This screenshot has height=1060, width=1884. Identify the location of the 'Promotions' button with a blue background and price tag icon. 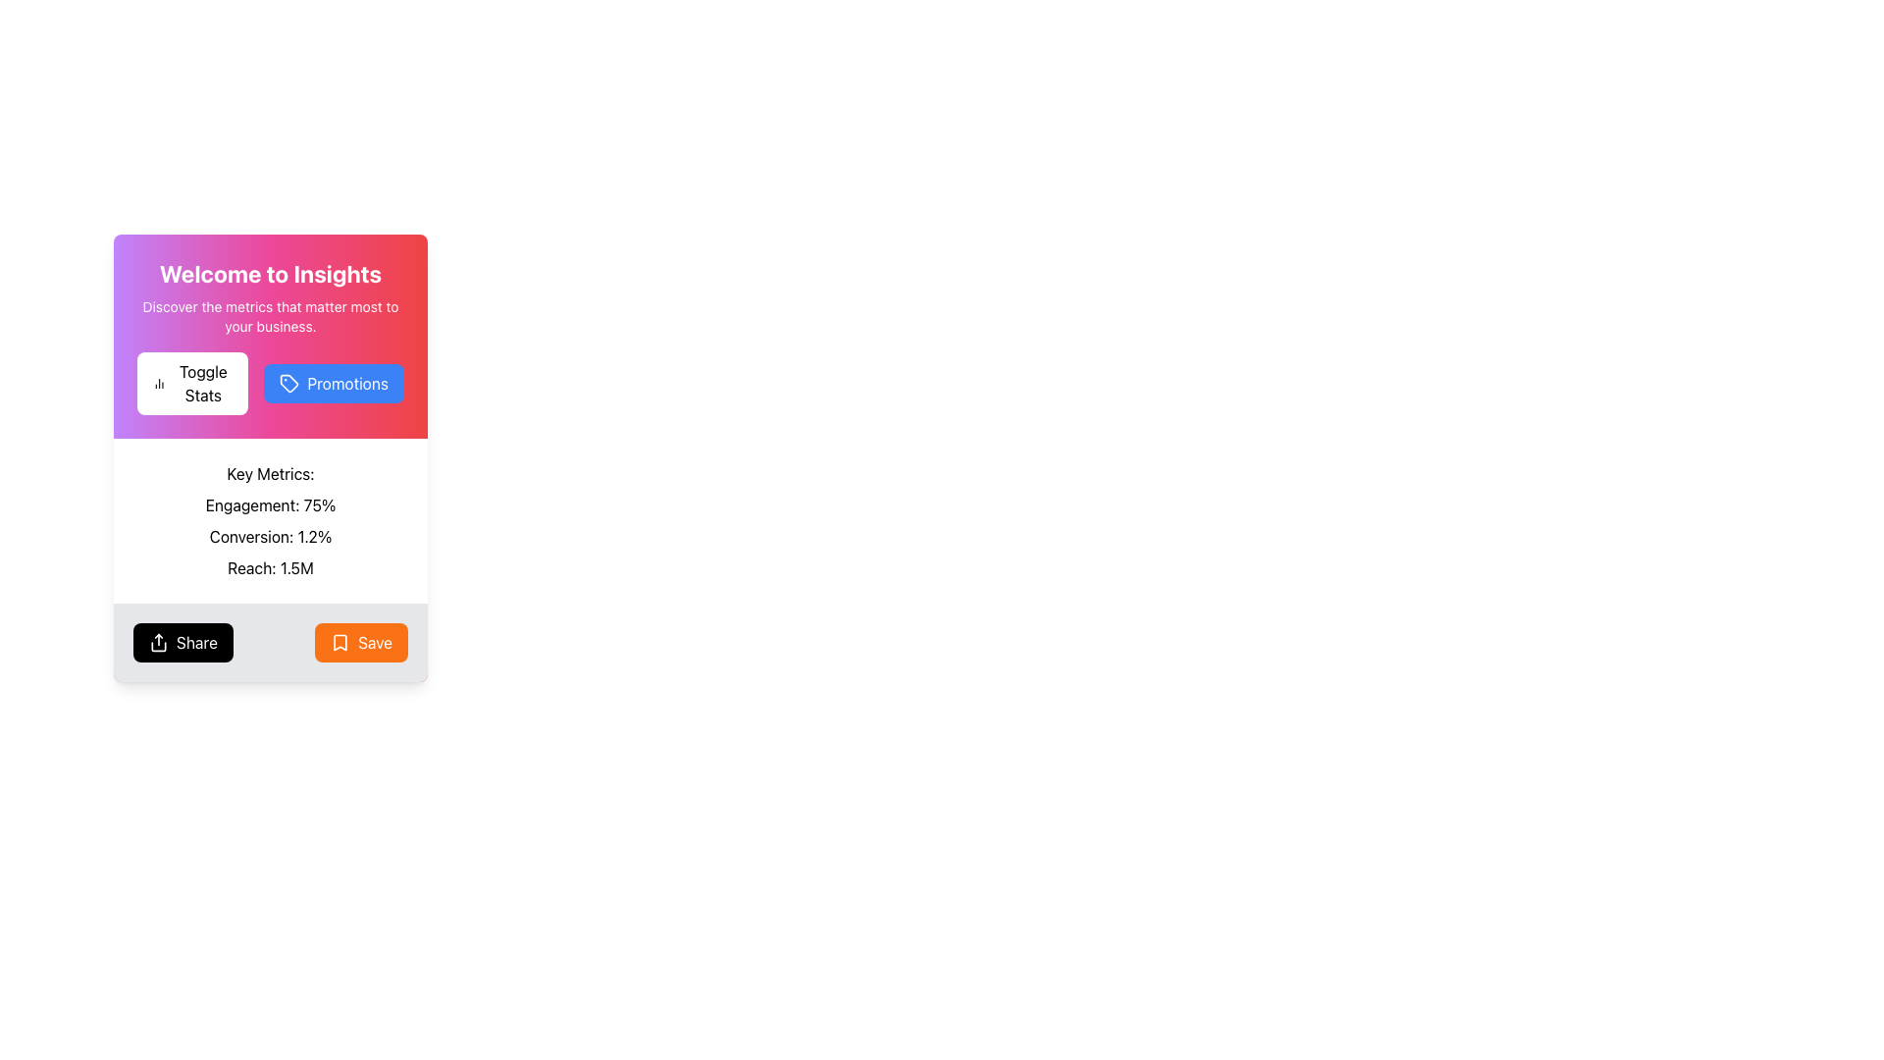
(269, 383).